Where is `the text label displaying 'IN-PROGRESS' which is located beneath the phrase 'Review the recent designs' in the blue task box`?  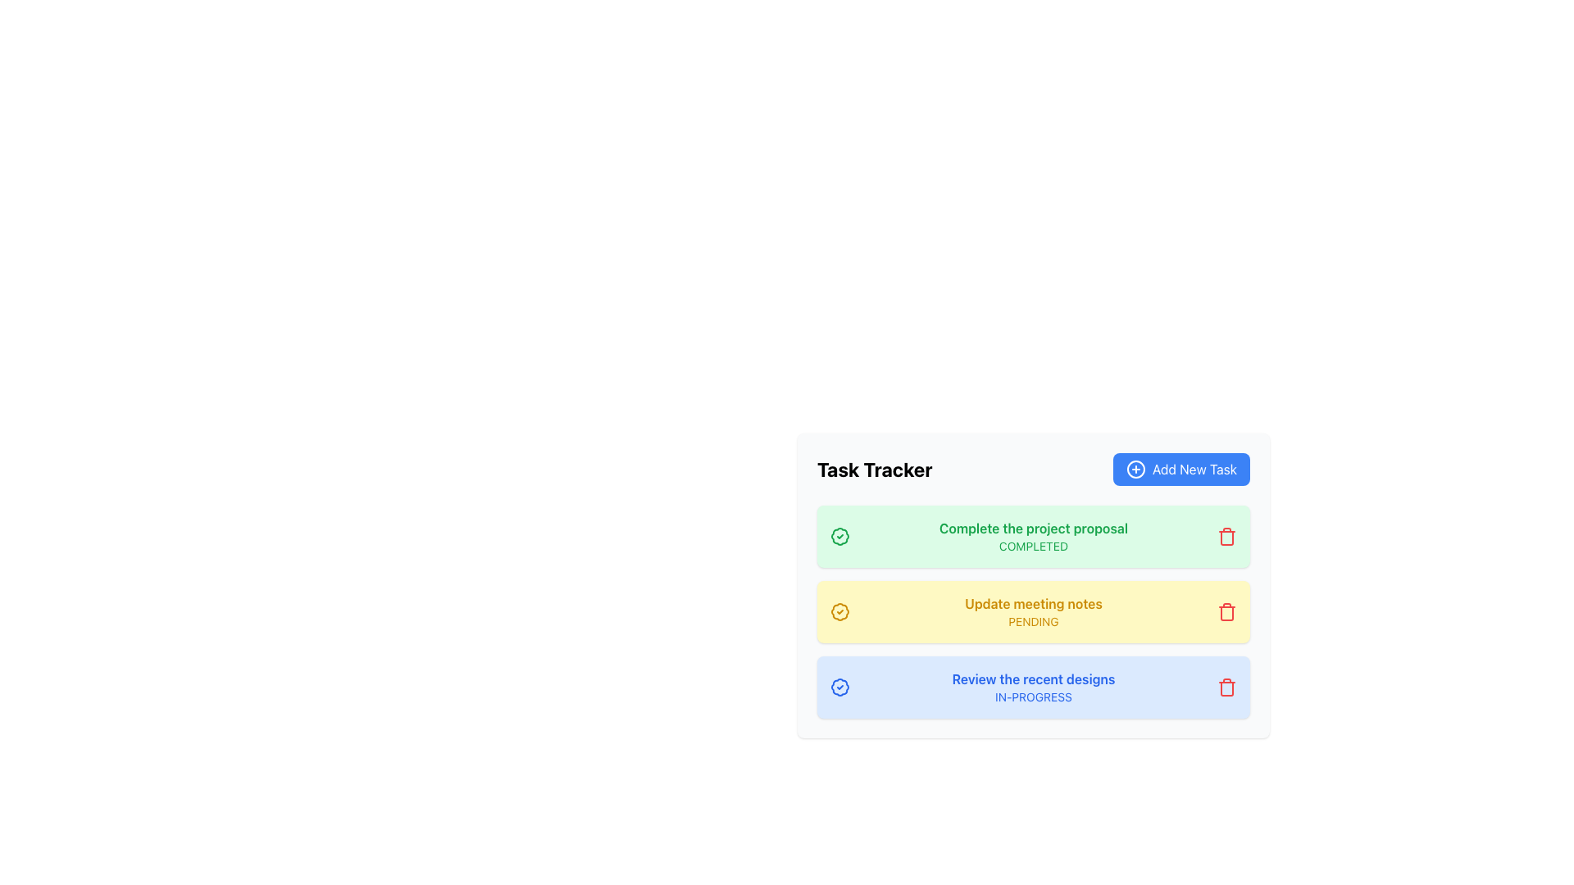 the text label displaying 'IN-PROGRESS' which is located beneath the phrase 'Review the recent designs' in the blue task box is located at coordinates (1033, 697).